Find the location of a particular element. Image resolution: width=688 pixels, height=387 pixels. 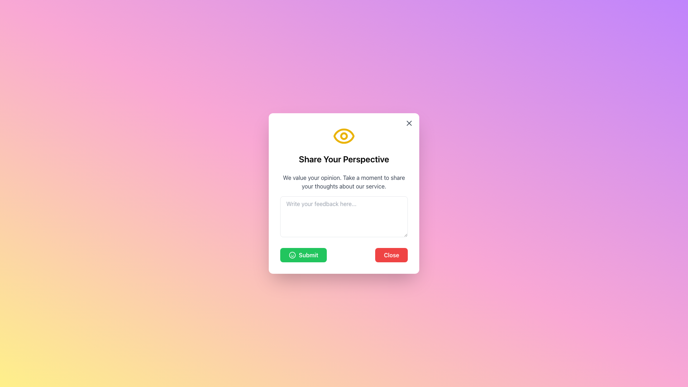

the elliptical yellow eye icon with a hollow center, positioned at the top center of the popup modal's content area is located at coordinates (344, 135).